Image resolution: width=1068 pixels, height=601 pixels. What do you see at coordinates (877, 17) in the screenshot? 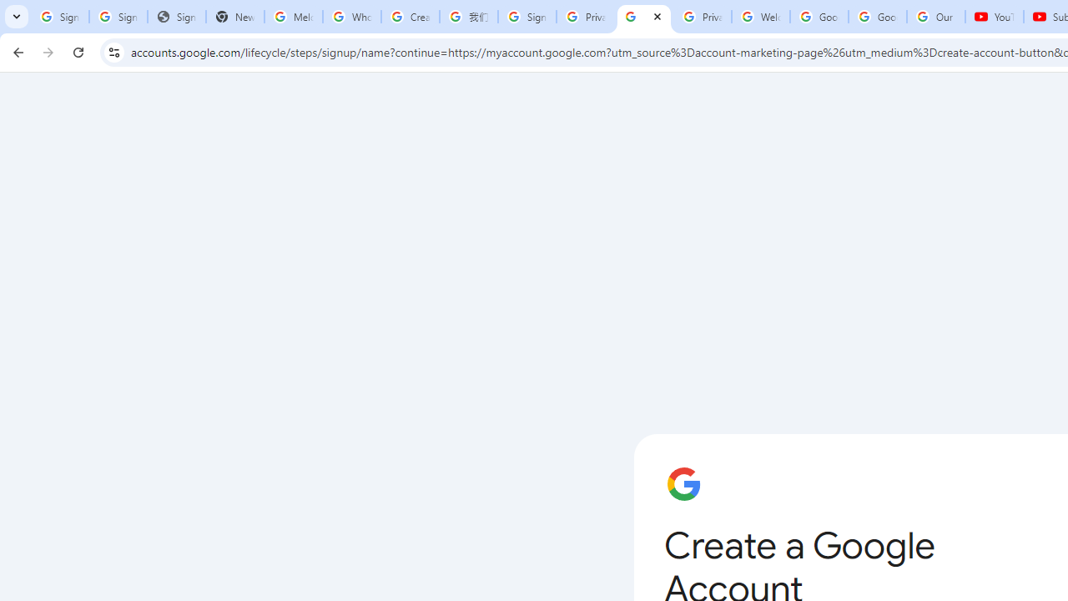
I see `'Google Account'` at bounding box center [877, 17].